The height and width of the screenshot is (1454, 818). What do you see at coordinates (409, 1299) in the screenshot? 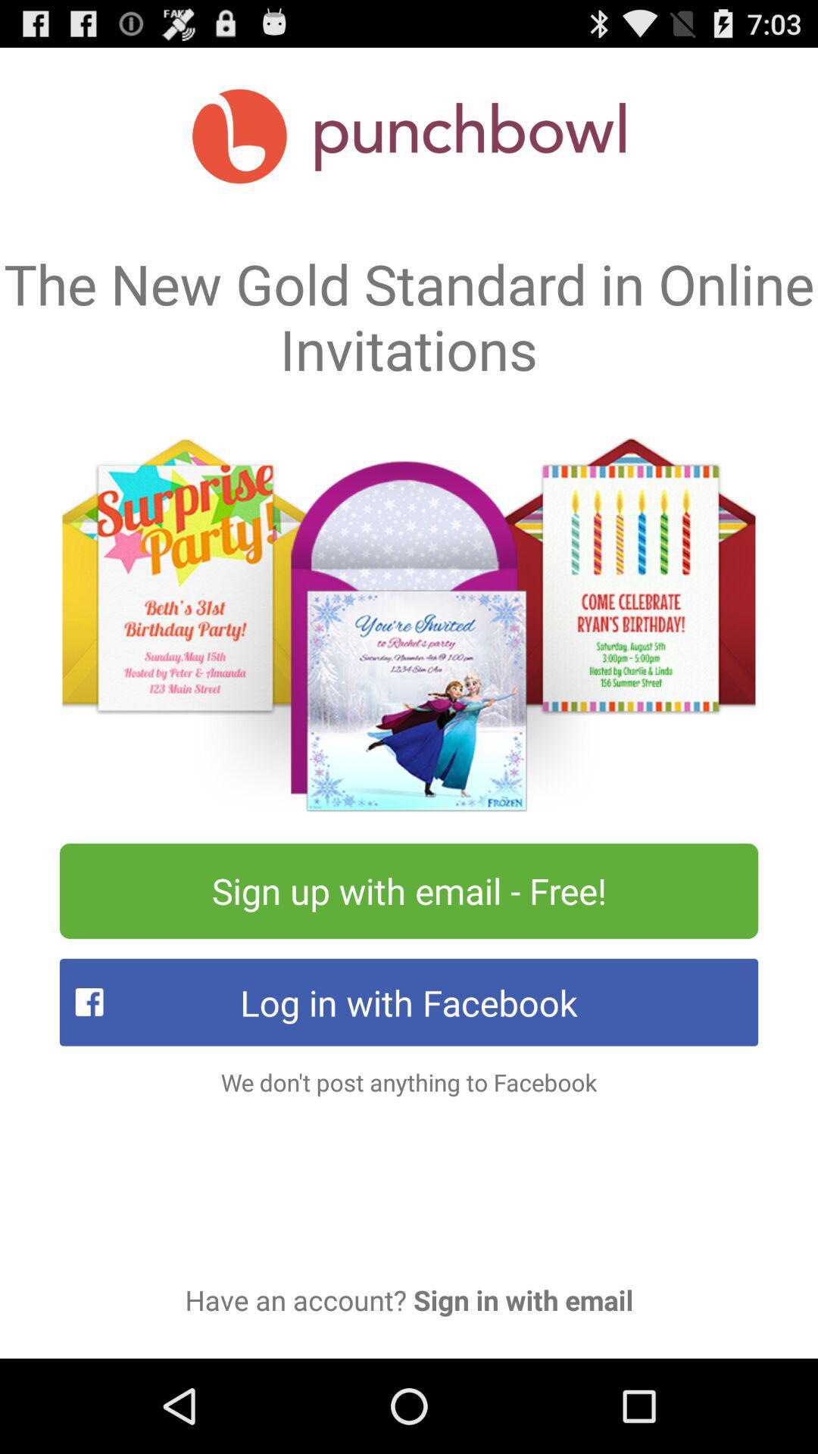
I see `icon below we don t` at bounding box center [409, 1299].